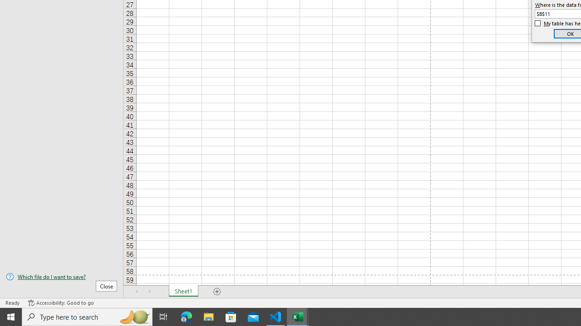 This screenshot has height=326, width=581. I want to click on 'Scroll Right', so click(150, 292).